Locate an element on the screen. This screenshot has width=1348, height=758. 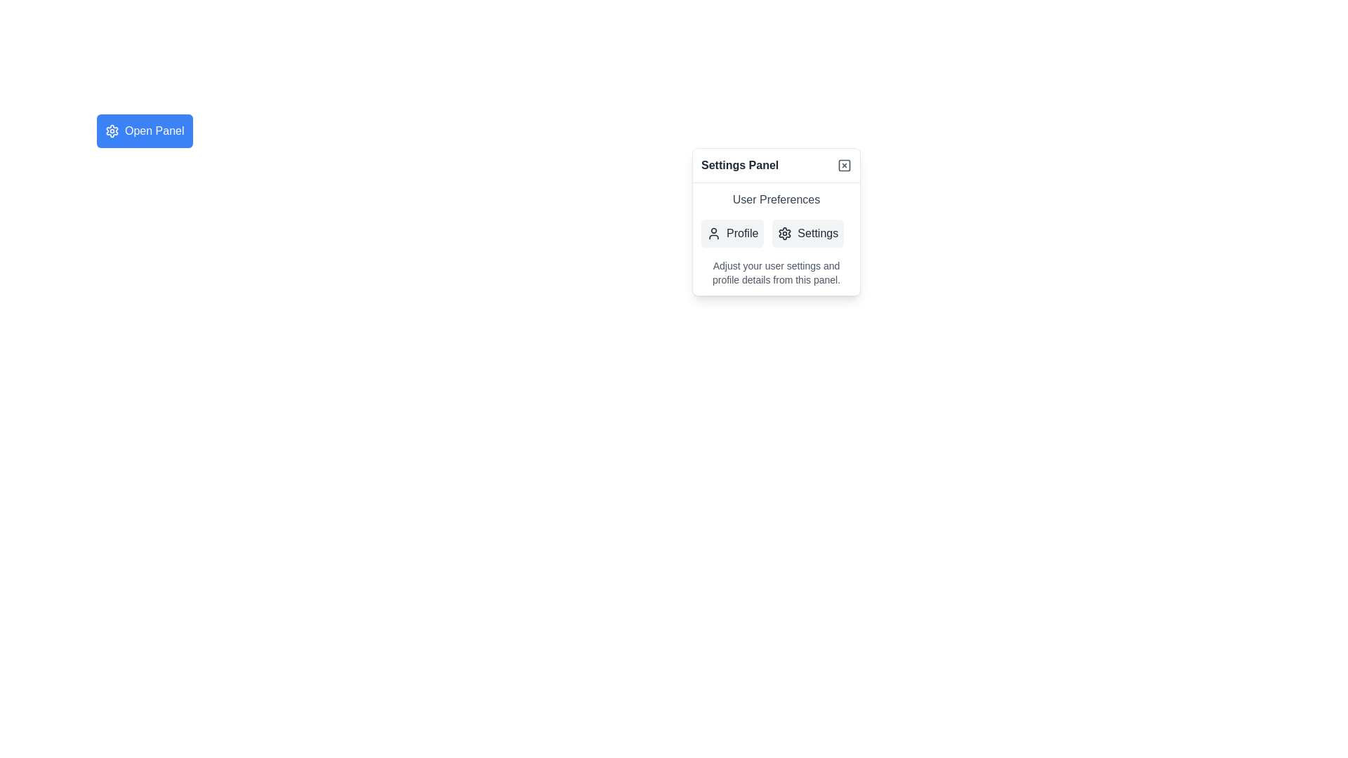
the user icon, which is the leftmost element in the 'Profile' button within the Settings Panel is located at coordinates (714, 232).